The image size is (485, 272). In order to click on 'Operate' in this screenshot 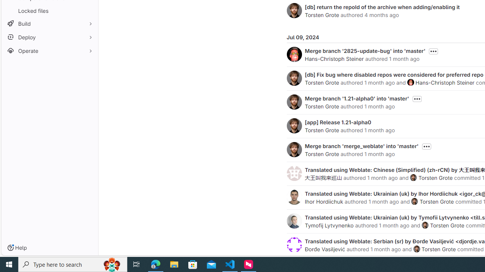, I will do `click(49, 51)`.